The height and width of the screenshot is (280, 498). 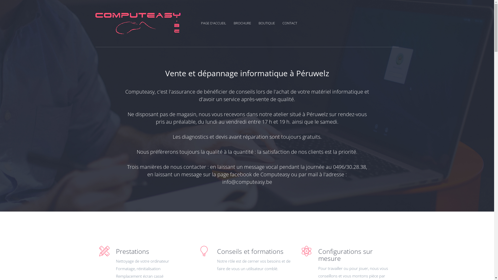 What do you see at coordinates (289, 23) in the screenshot?
I see `'CONTACT'` at bounding box center [289, 23].